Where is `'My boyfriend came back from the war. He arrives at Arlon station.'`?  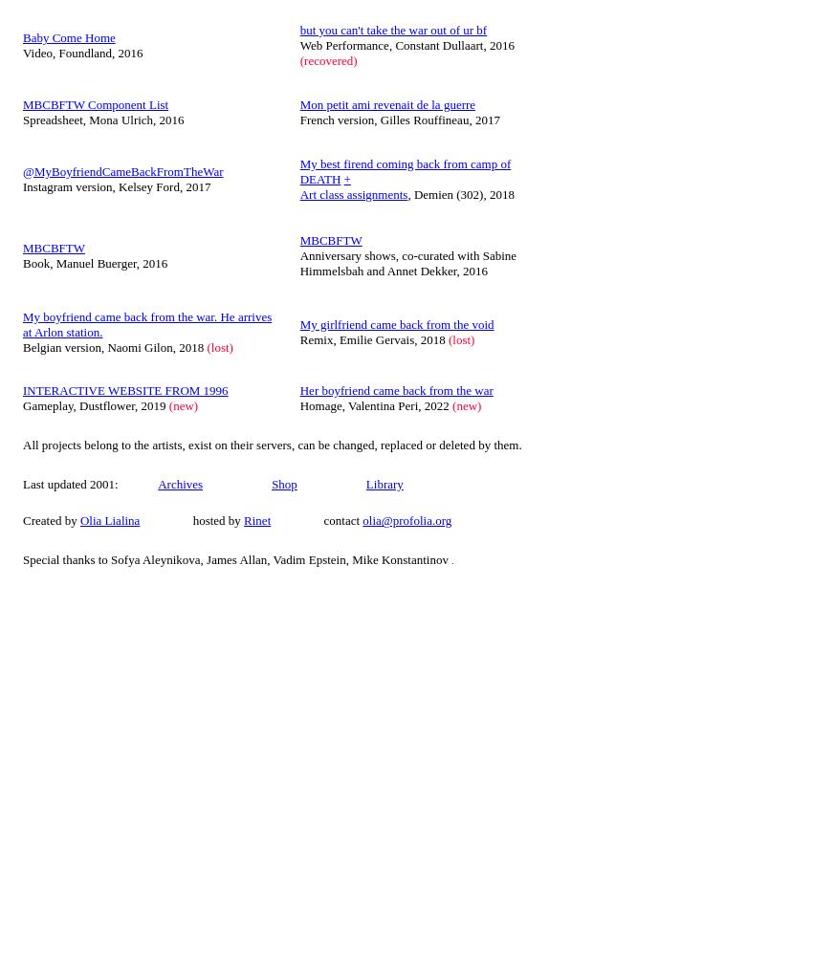 'My boyfriend came back from the war. He arrives at Arlon station.' is located at coordinates (147, 322).